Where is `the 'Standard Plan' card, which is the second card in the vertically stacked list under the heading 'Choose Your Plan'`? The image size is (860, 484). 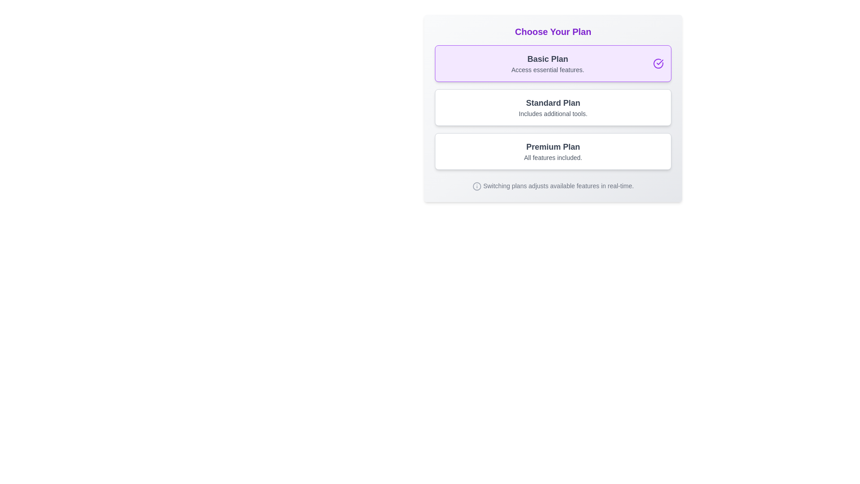
the 'Standard Plan' card, which is the second card in the vertically stacked list under the heading 'Choose Your Plan' is located at coordinates (552, 107).